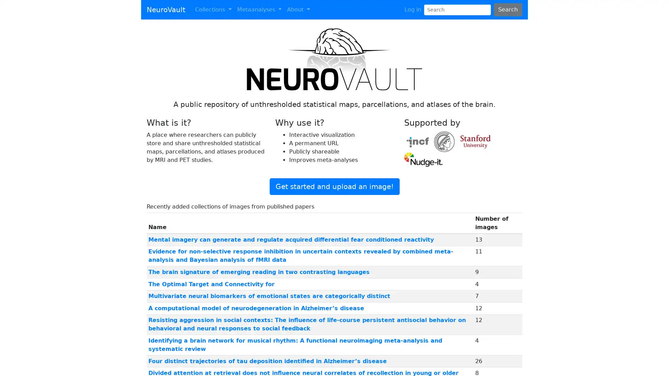  I want to click on Search, so click(508, 9).